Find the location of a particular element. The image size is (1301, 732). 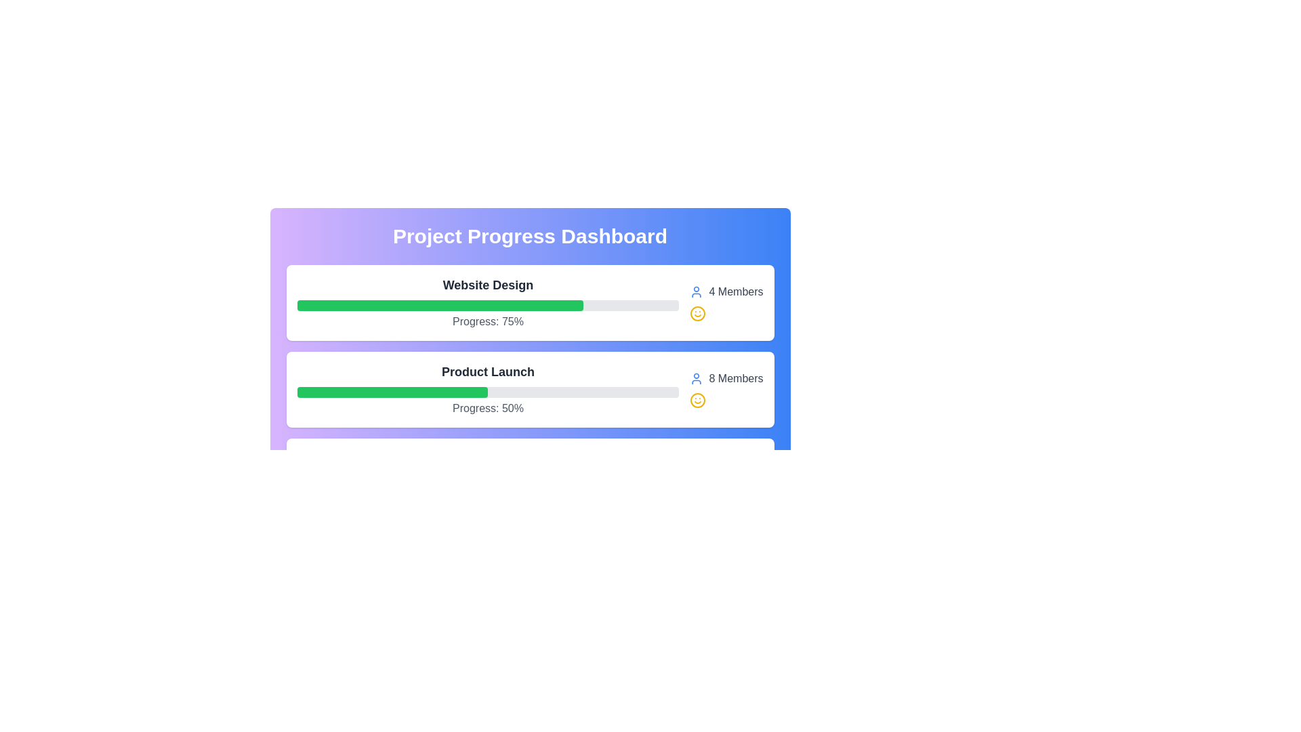

the blue-colored vector graphic icon resembling a user silhouette, which is located to the left of the '8 Members' text is located at coordinates (697, 379).